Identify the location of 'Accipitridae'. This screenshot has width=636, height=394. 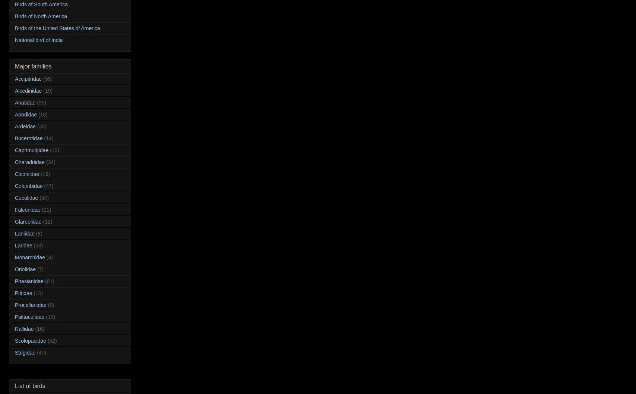
(28, 78).